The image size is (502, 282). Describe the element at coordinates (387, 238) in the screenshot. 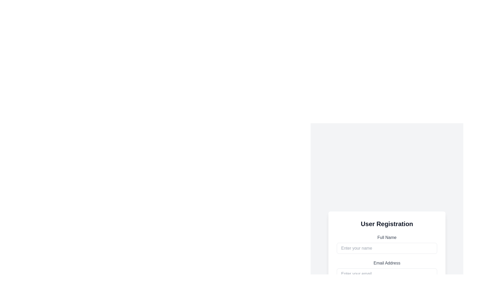

I see `the Text label that provides guidance for the adjacent full name input field in the user registration form` at that location.